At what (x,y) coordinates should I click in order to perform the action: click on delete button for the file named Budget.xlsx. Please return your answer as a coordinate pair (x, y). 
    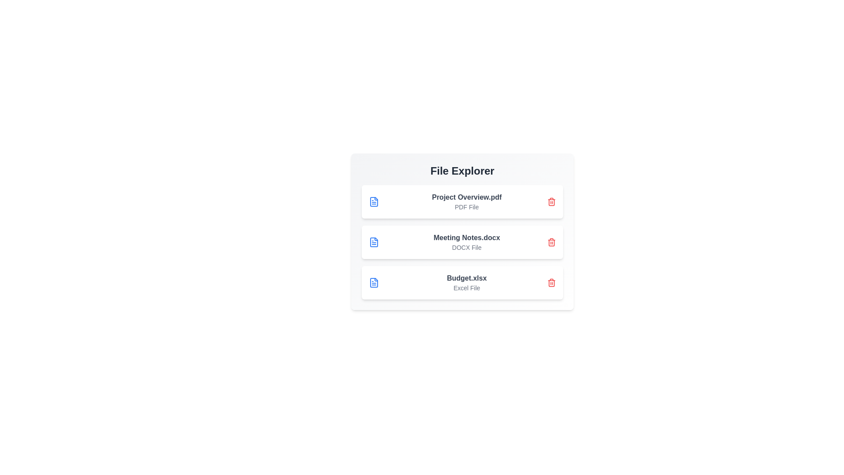
    Looking at the image, I should click on (551, 283).